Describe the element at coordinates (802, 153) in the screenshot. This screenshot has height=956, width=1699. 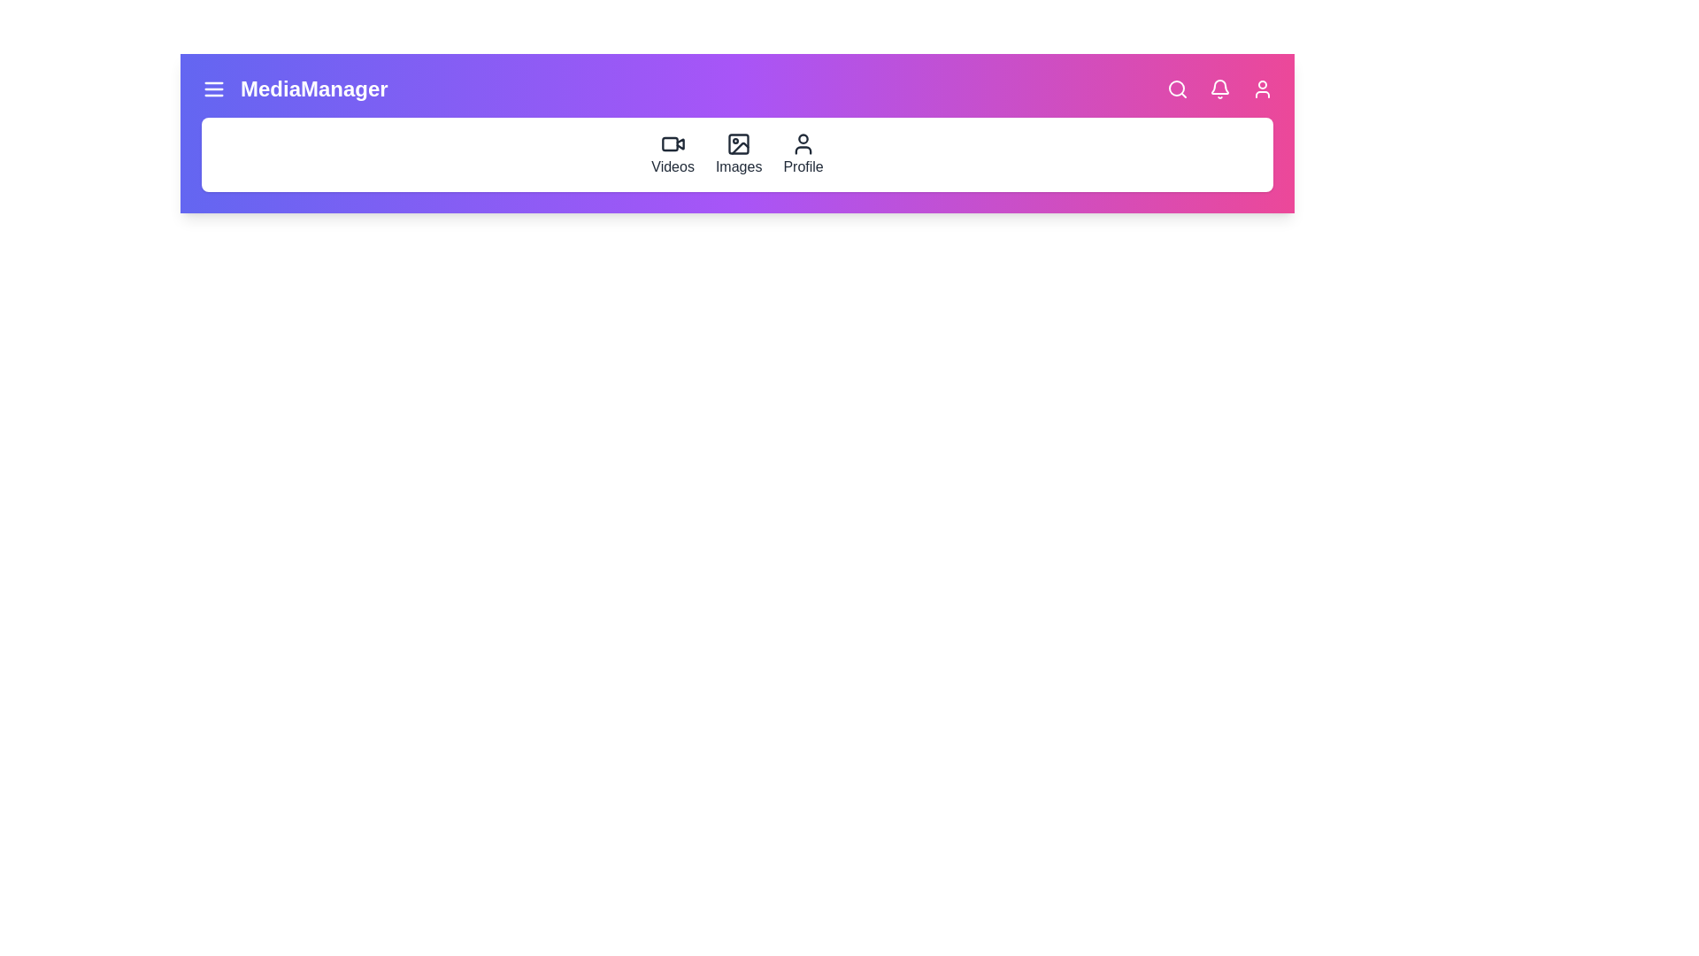
I see `the 'Profile' button to navigate to the Profile section` at that location.